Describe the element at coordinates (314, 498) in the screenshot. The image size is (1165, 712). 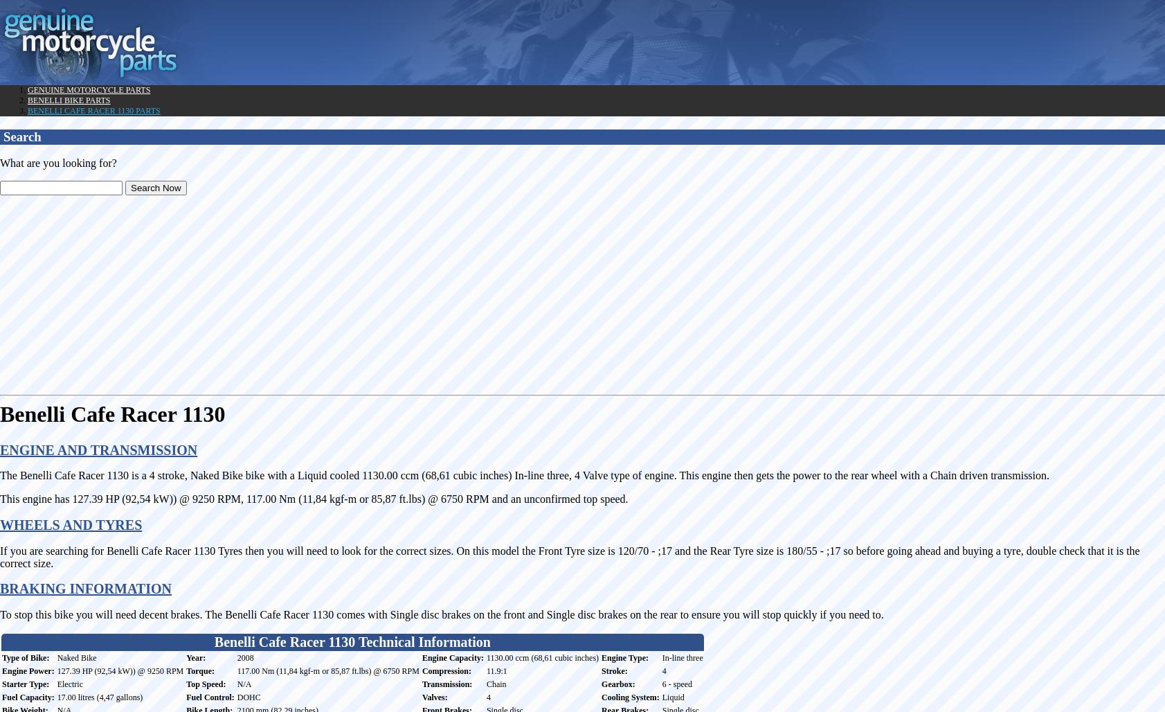
I see `'This engine has 127.39 HP (92,54 kW)) @ 9250 RPM, 117.00 Nm (11,84 kgf-m or 85,87 ft.lbs) @ 6750 RPM and an unconfirmed top speed.'` at that location.